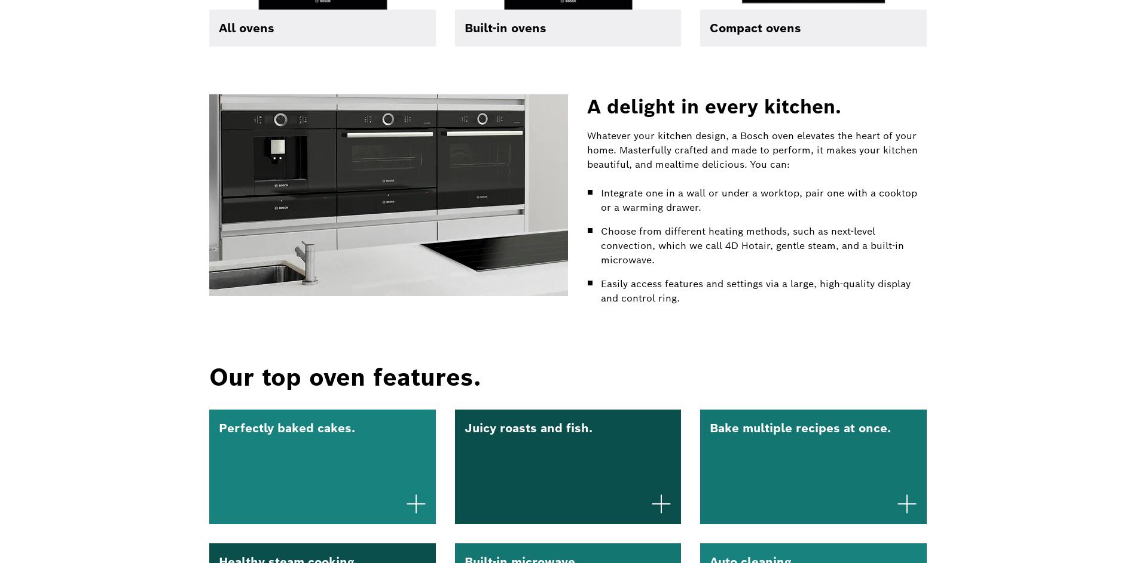  Describe the element at coordinates (578, 186) in the screenshot. I see `'Returns Policy'` at that location.